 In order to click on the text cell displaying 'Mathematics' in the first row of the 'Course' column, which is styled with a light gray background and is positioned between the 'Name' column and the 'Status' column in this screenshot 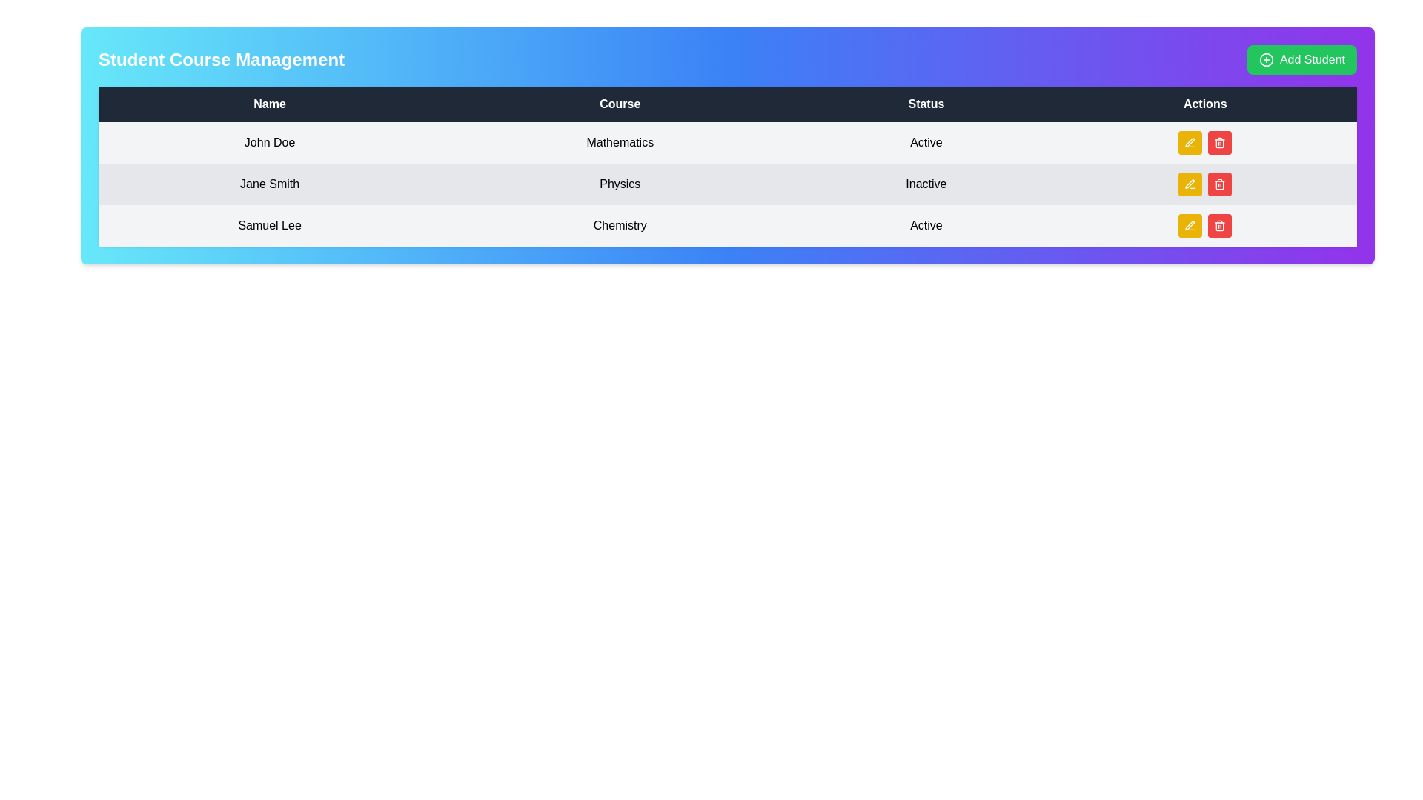, I will do `click(620, 142)`.